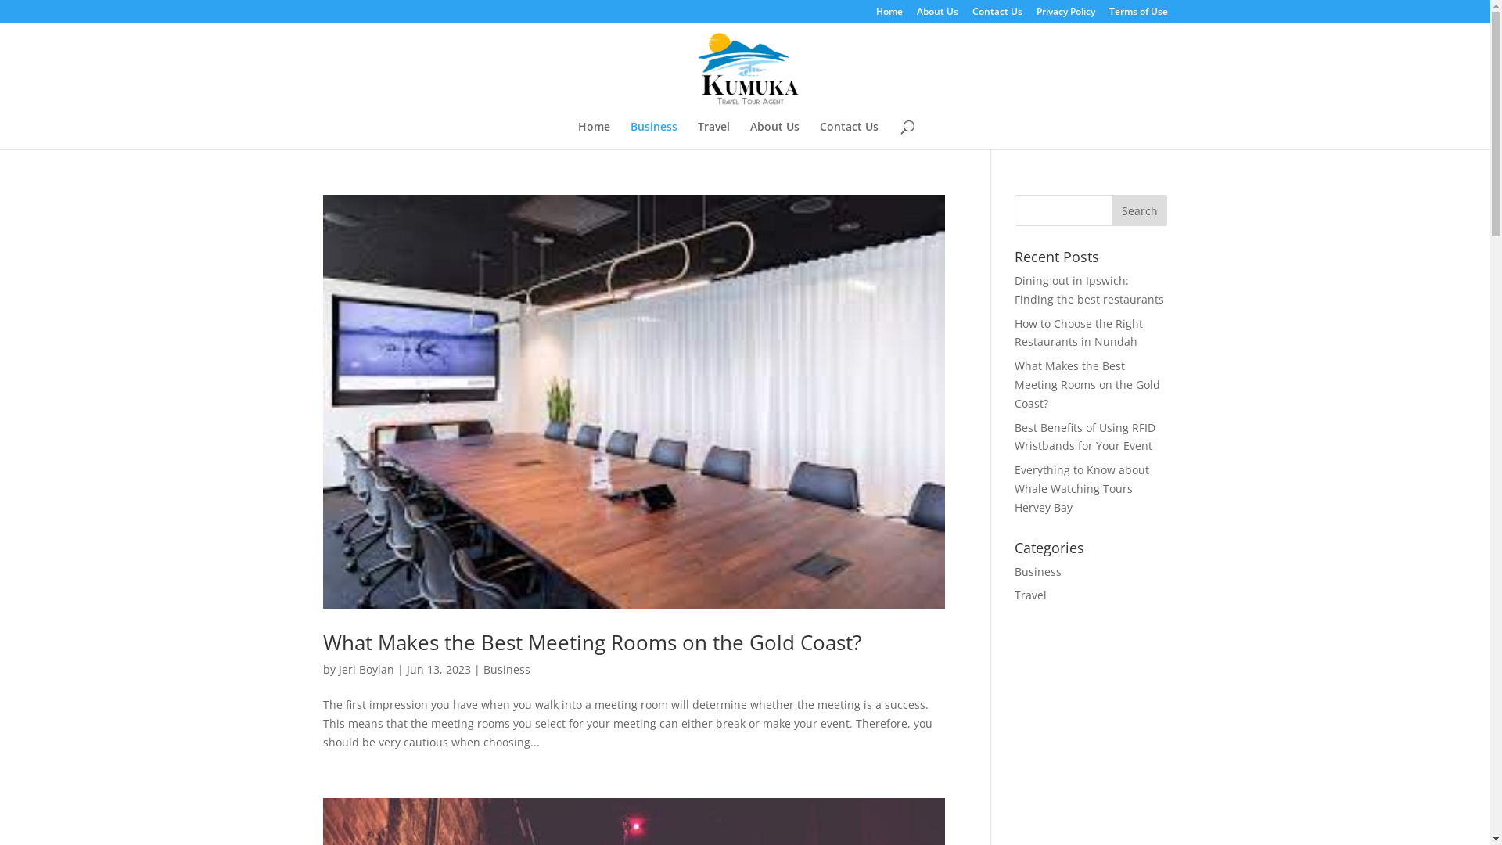 Image resolution: width=1502 pixels, height=845 pixels. I want to click on 'Business', so click(1037, 571).